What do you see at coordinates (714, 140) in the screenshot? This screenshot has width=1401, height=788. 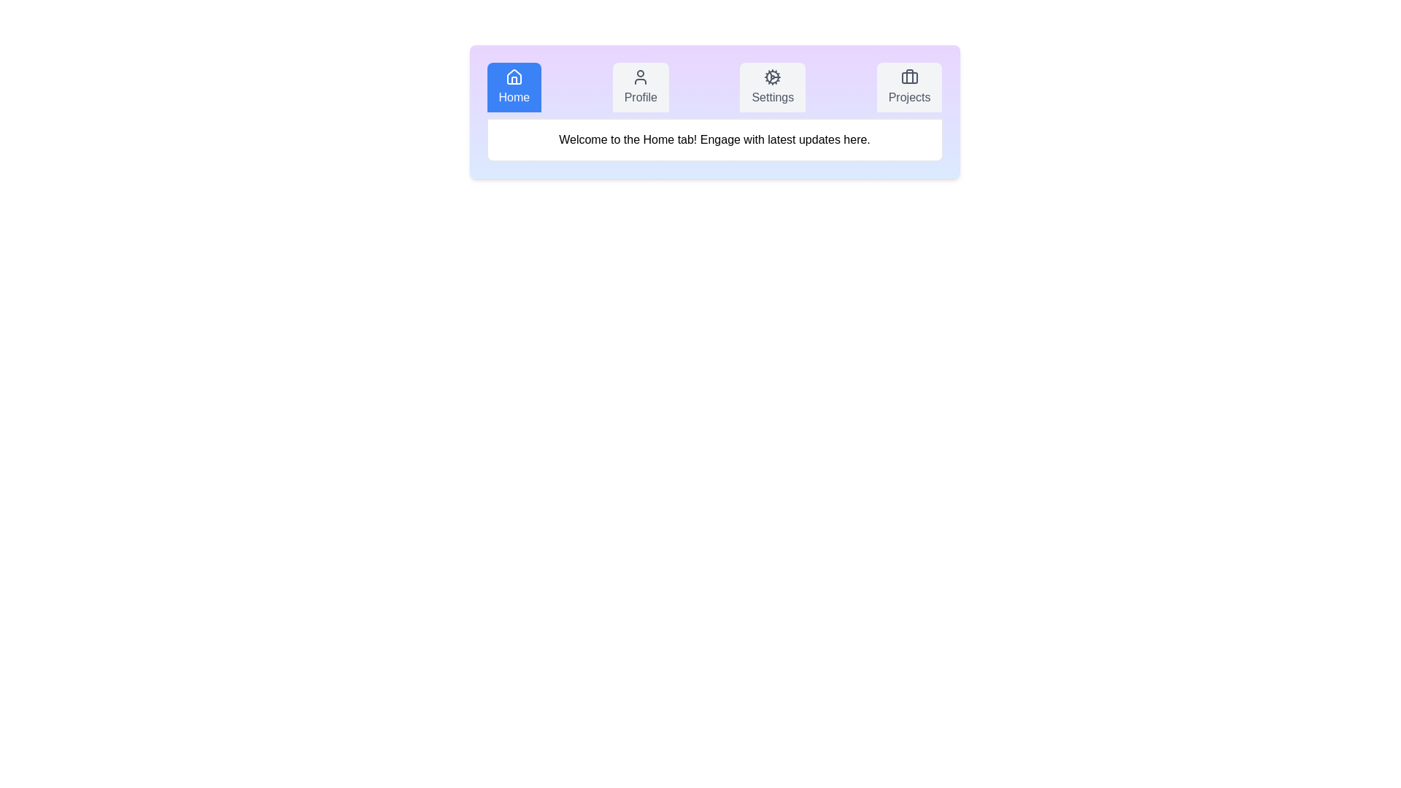 I see `the static text display located at the bottom of the 'Home' tab section, which provides an introduction or message to users` at bounding box center [714, 140].